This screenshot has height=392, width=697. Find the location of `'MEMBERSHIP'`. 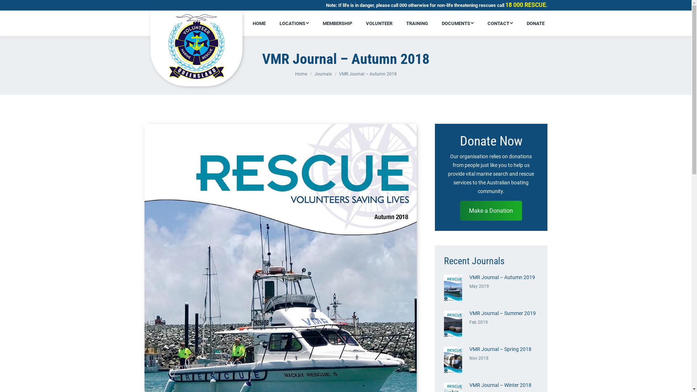

'MEMBERSHIP' is located at coordinates (337, 23).